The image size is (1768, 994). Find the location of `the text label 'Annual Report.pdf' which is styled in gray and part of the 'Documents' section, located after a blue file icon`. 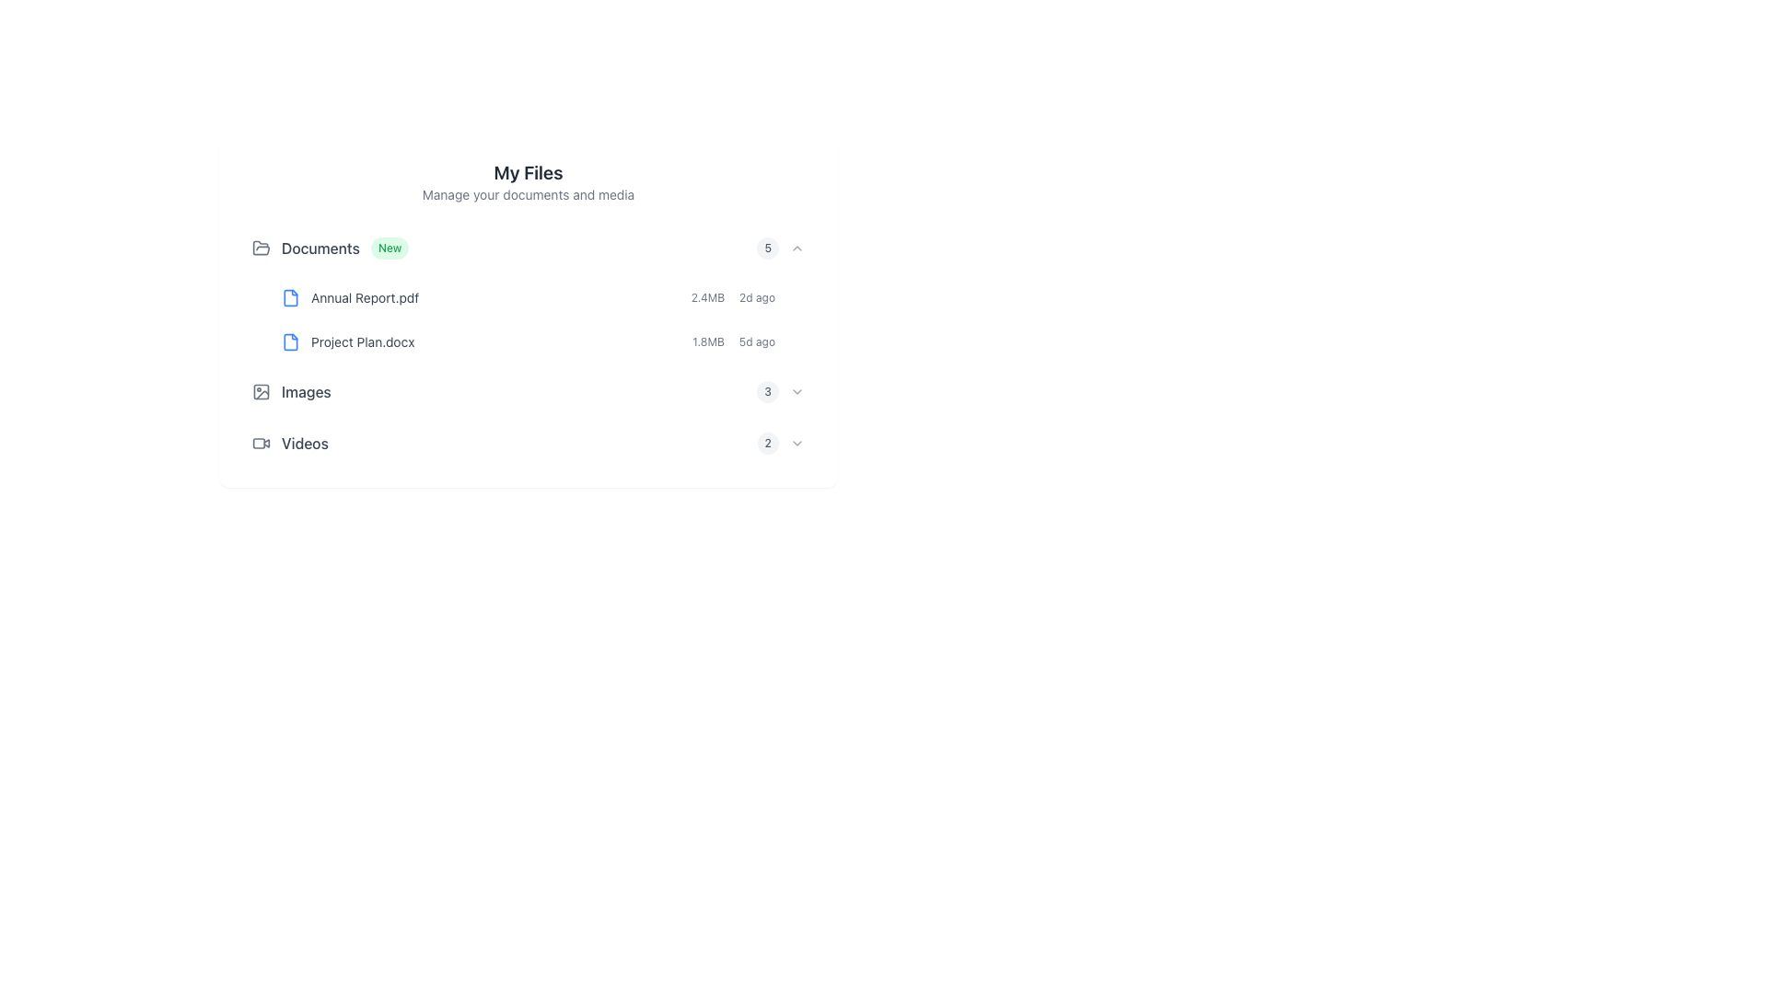

the text label 'Annual Report.pdf' which is styled in gray and part of the 'Documents' section, located after a blue file icon is located at coordinates (365, 297).